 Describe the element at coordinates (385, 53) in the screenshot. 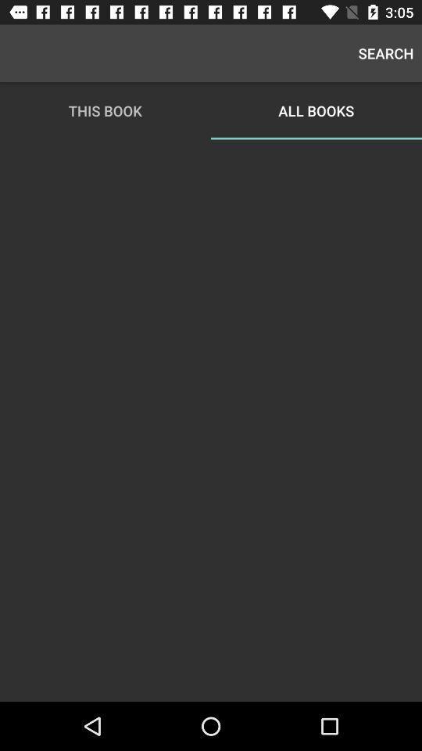

I see `the search` at that location.